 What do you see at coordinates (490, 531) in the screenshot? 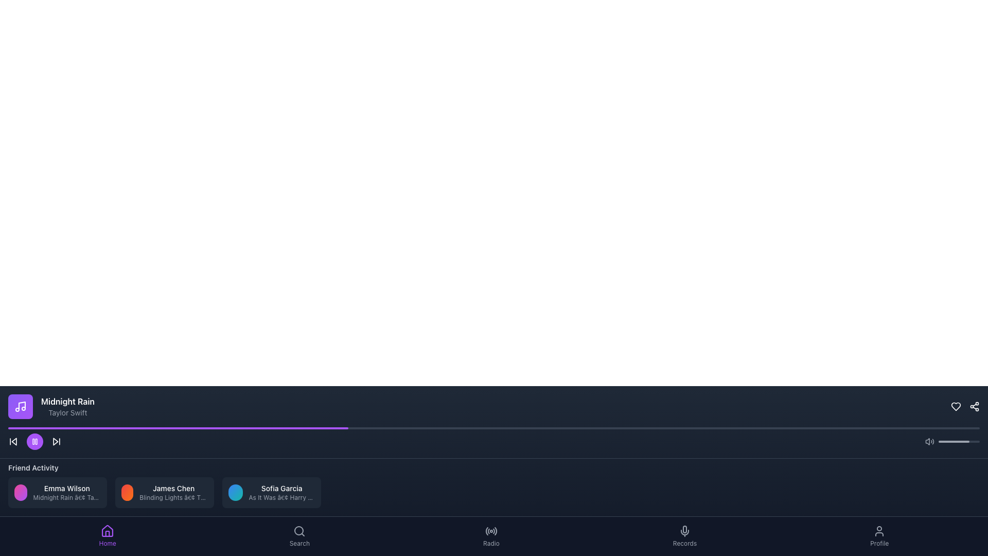
I see `the 'Radio' icon located at the bottom navigation bar, which is the fourth icon from the left` at bounding box center [490, 531].